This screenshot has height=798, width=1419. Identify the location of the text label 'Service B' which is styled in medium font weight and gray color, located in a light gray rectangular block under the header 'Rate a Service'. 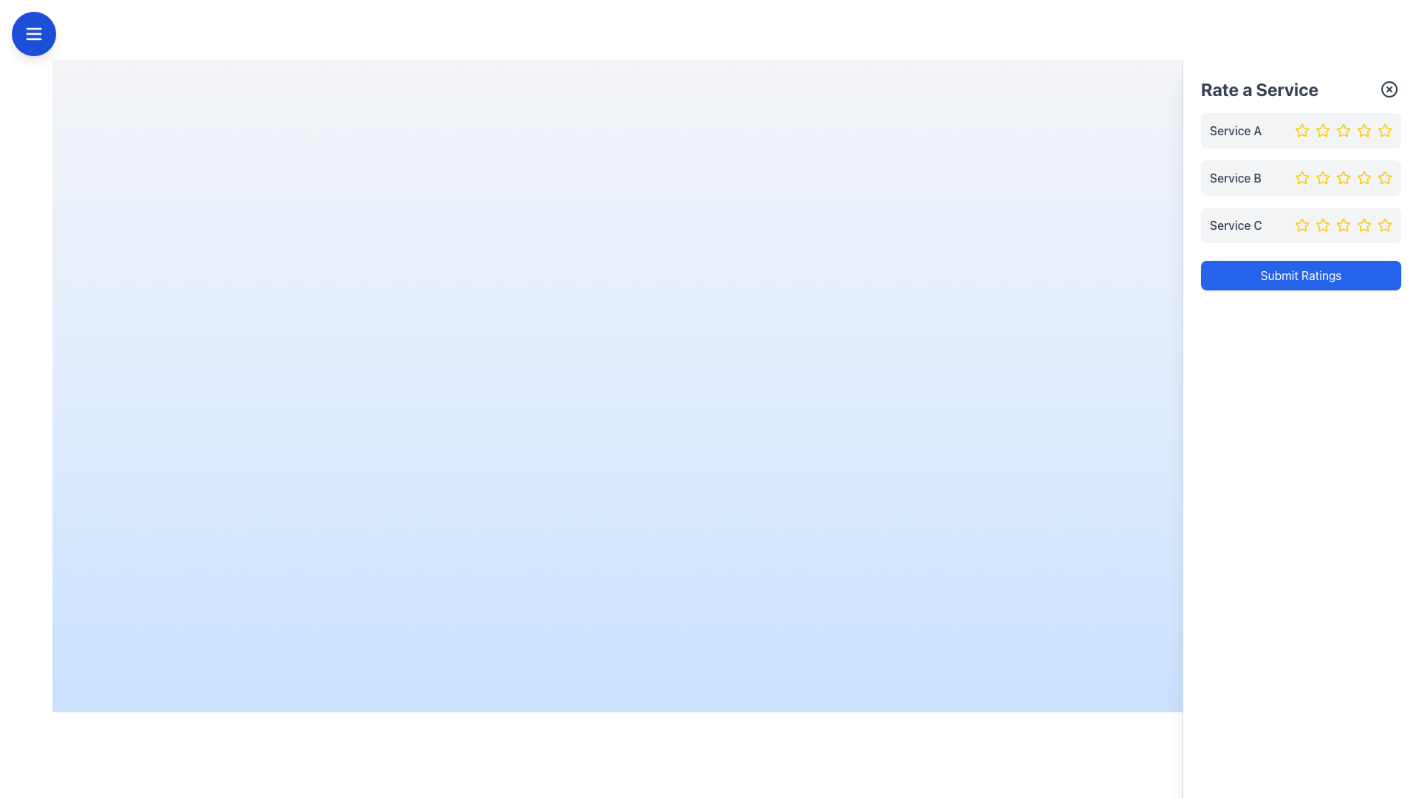
(1235, 177).